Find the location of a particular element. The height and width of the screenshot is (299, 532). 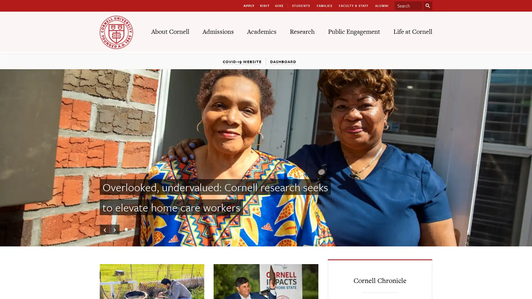

Next slide is located at coordinates (114, 230).